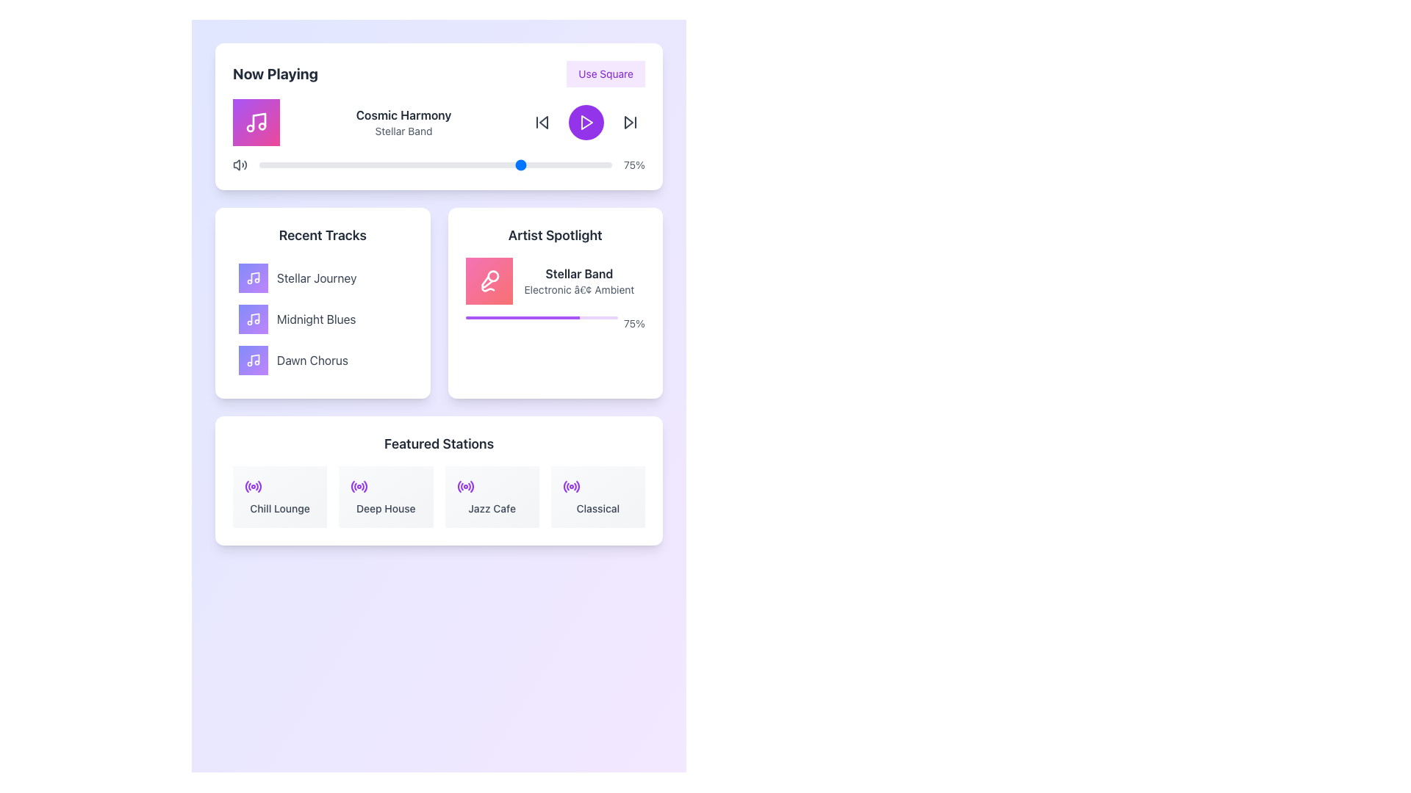 The image size is (1411, 793). I want to click on the 'Deep House' selectable tile, so click(386, 496).